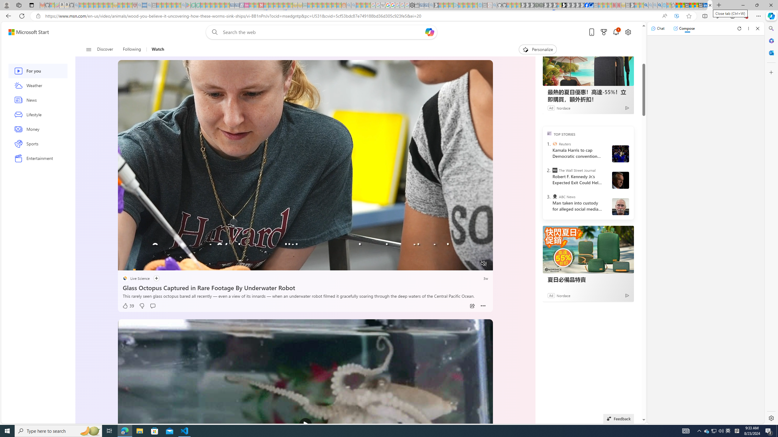 The width and height of the screenshot is (778, 437). What do you see at coordinates (483, 306) in the screenshot?
I see `'Class: at-item inline-watch'` at bounding box center [483, 306].